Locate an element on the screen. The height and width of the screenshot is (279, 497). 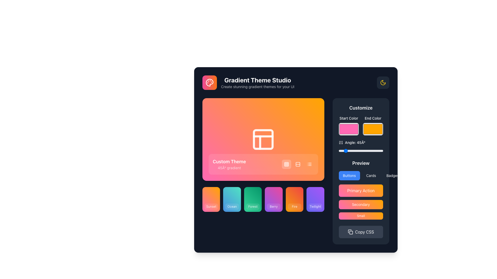
angle is located at coordinates (380, 151).